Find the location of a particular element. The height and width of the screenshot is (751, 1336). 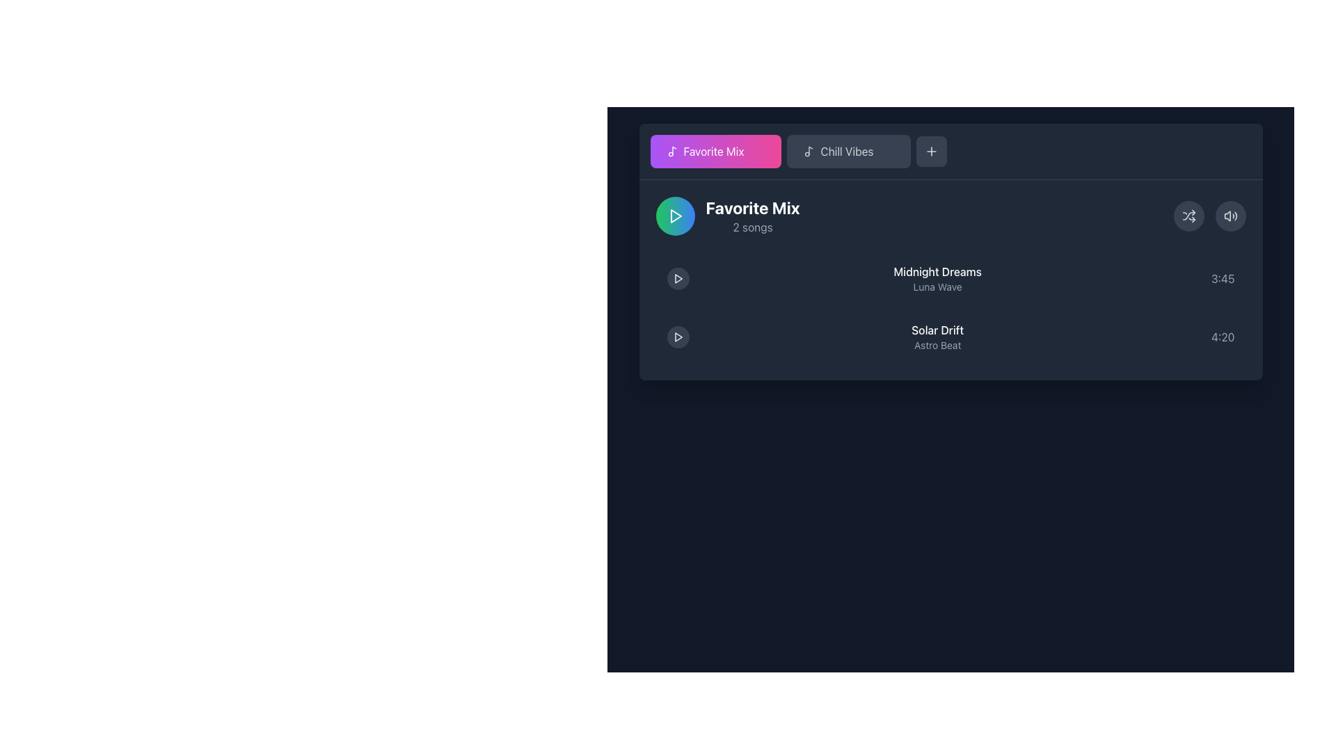

the musical note icon associated with the 'Chill Vibes' button, which is located on the left side of the button, positioned next to the 'Favorite Mix' button is located at coordinates (809, 152).